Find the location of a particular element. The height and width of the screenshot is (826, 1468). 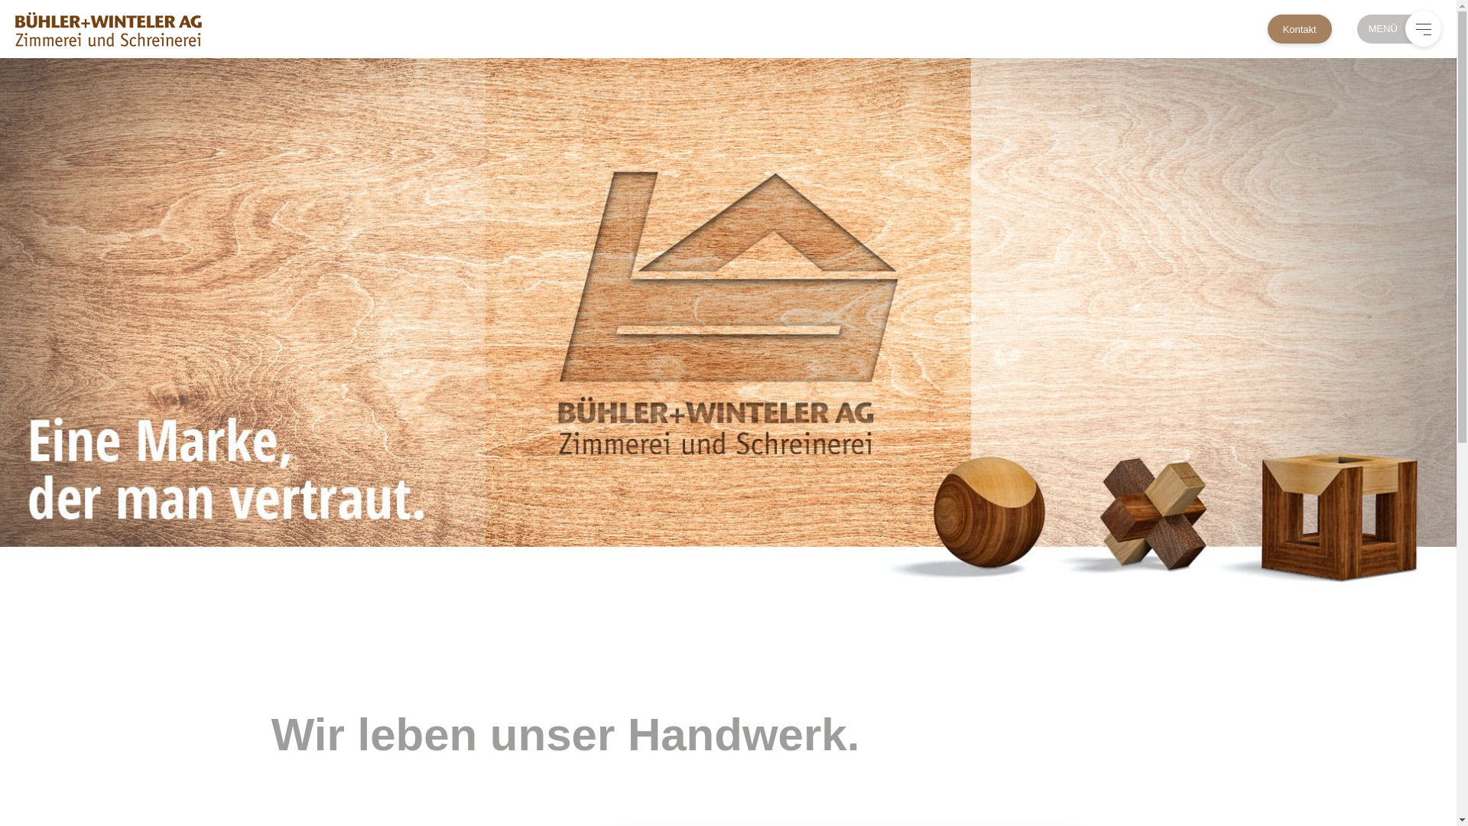

'Kontakt' is located at coordinates (1298, 28).